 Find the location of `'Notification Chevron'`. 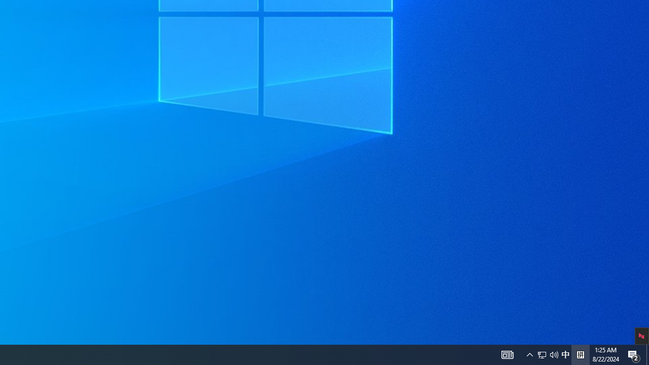

'Notification Chevron' is located at coordinates (529, 354).